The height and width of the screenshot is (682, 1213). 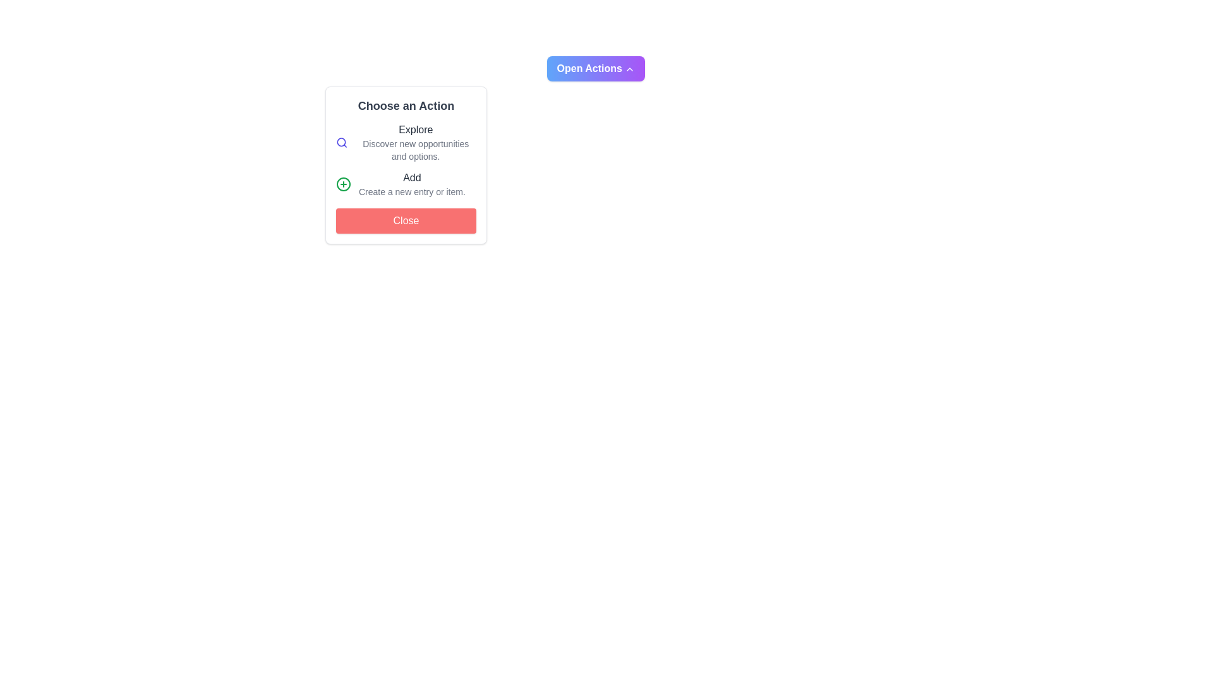 I want to click on the magnifying glass icon, styled in a modern outline design with a dark indigo color, located to the left of the 'Explore' text within the 'Choose an Action' card, so click(x=342, y=142).